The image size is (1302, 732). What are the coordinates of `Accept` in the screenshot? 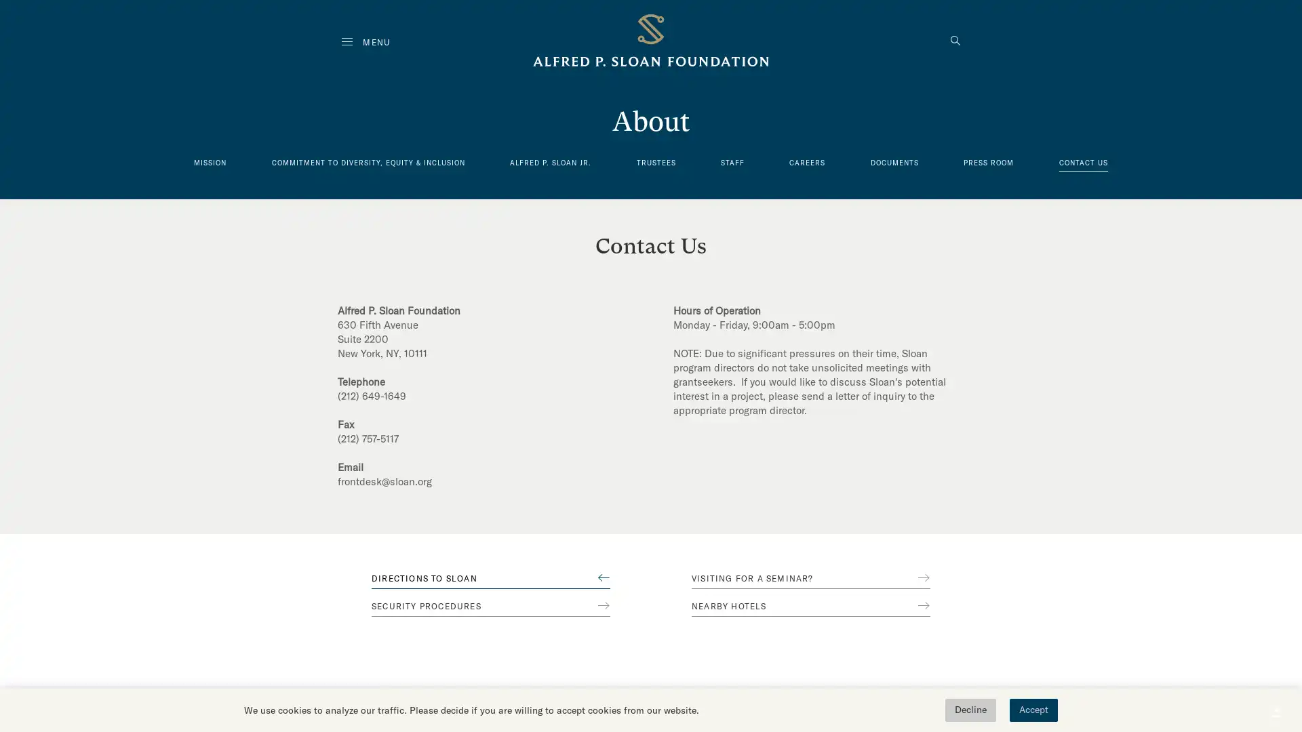 It's located at (1033, 710).